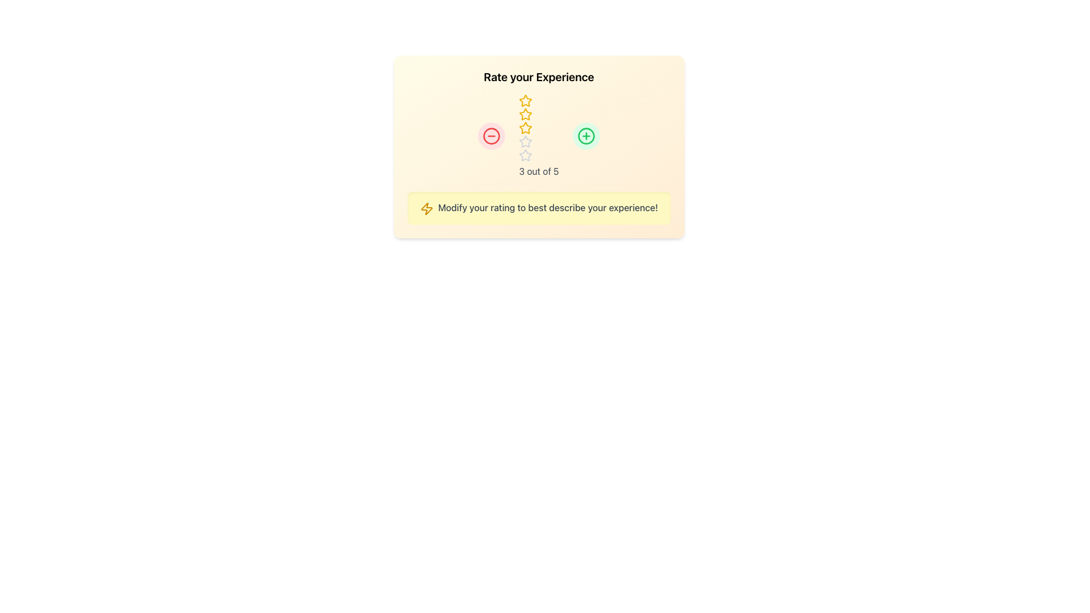 The height and width of the screenshot is (613, 1090). What do you see at coordinates (538, 208) in the screenshot?
I see `the informational label or reminder with icon located at the bottom section of the card containing the rating system` at bounding box center [538, 208].